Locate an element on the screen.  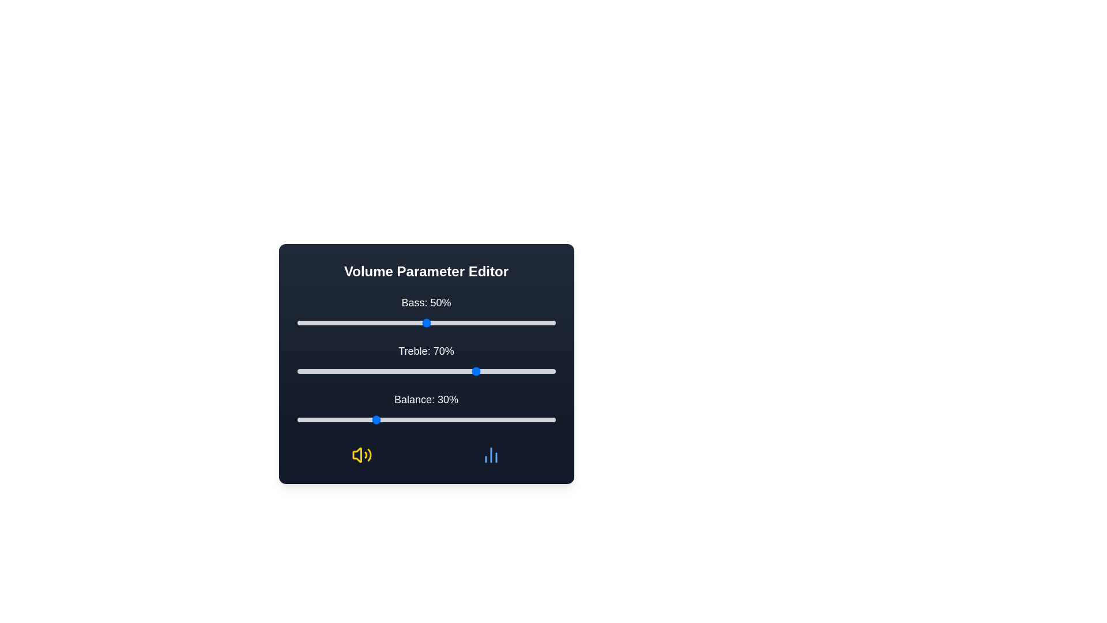
the 0 slider to a value of 63% is located at coordinates (459, 322).